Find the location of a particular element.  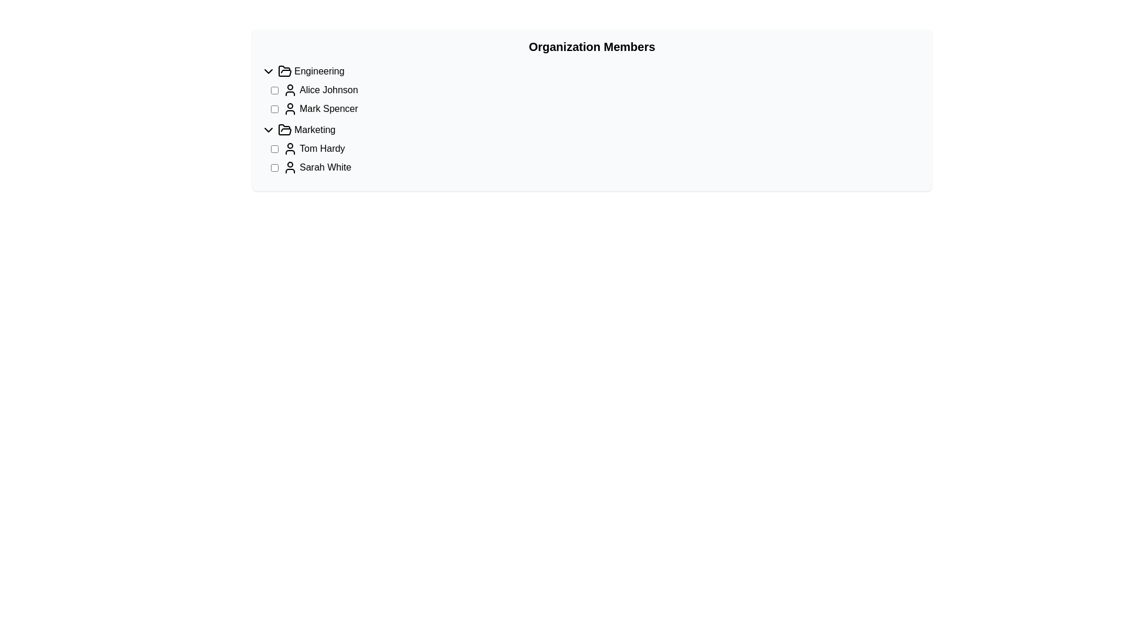

the text label displaying the name of the individual, positioned below 'Alice Johnson' and above 'Marketing', to interact with it is located at coordinates (328, 108).